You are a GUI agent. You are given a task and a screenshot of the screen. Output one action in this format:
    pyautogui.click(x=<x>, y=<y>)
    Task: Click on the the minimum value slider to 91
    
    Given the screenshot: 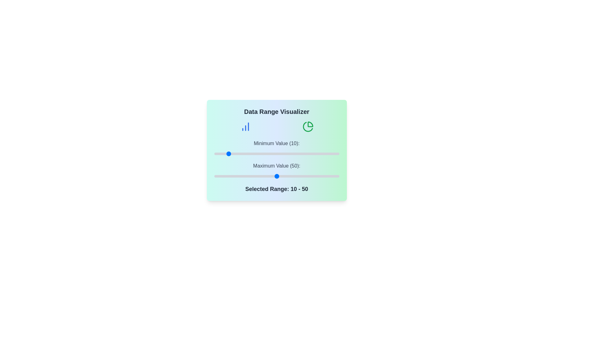 What is the action you would take?
    pyautogui.click(x=327, y=154)
    